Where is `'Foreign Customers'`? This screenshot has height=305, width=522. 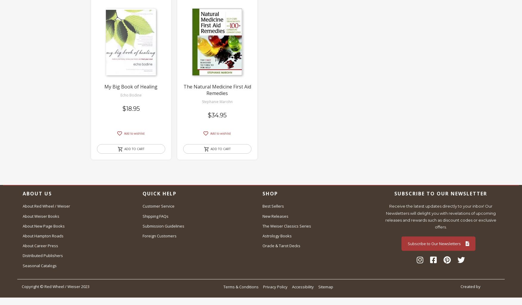
'Foreign Customers' is located at coordinates (142, 236).